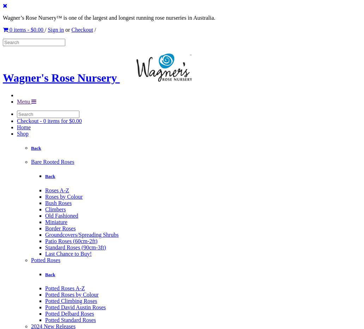 The width and height of the screenshot is (364, 329). Describe the element at coordinates (58, 202) in the screenshot. I see `'Bush Roses'` at that location.